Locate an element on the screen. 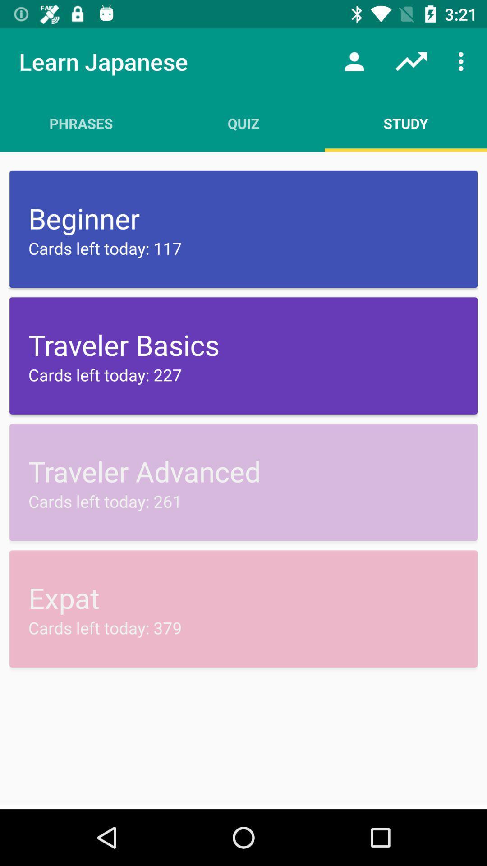 Image resolution: width=487 pixels, height=866 pixels. item above the beginner icon is located at coordinates (243, 123).